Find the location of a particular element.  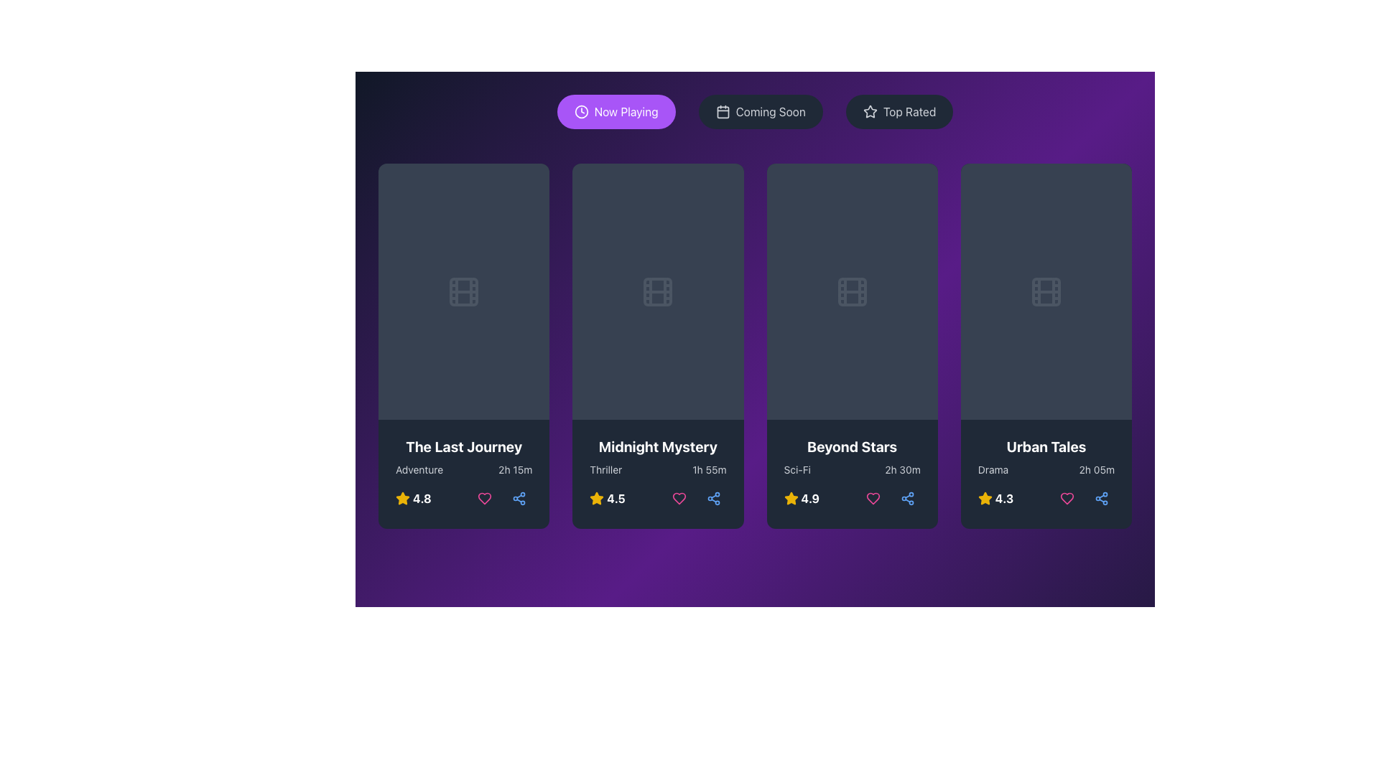

duration value displayed as '2h 30m' in a small-sized font beneath the 'Beyond Stars' card, next to the 'Sci-Fi' genre label is located at coordinates (902, 470).